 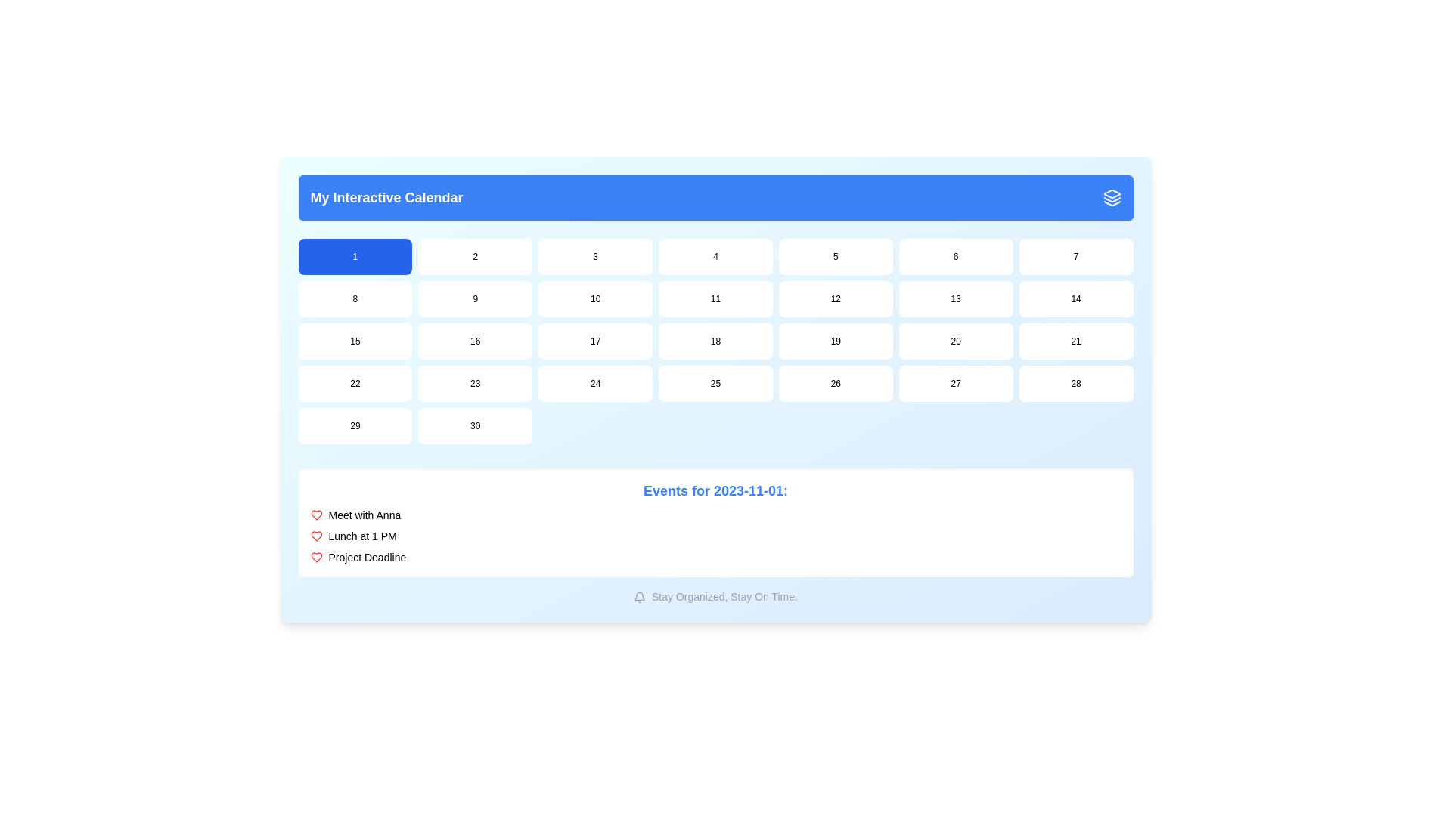 I want to click on the text element displaying 'My Interactive Calendar' in bold white font, located within the blue header bar at the top of the main content area, so click(x=386, y=197).